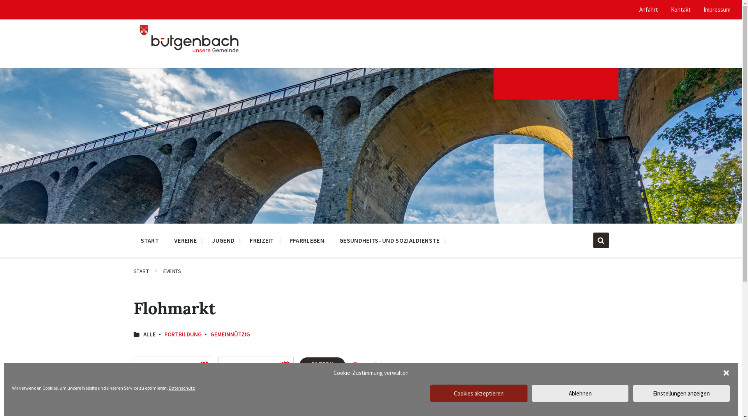 This screenshot has width=748, height=420. Describe the element at coordinates (150, 240) in the screenshot. I see `'START'` at that location.